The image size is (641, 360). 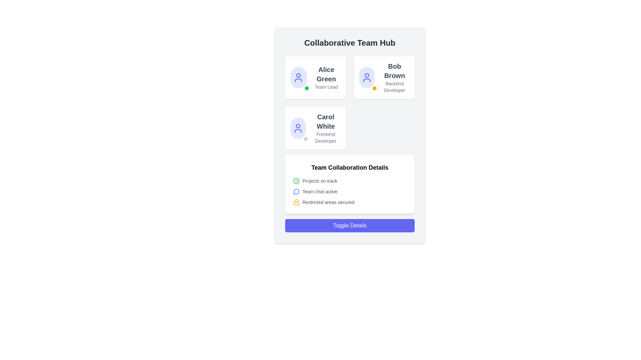 I want to click on the user avatar icon representing 'Carol White', located at the top-left corner of the card in the 'Collaborative Team Hub' panel, so click(x=297, y=128).